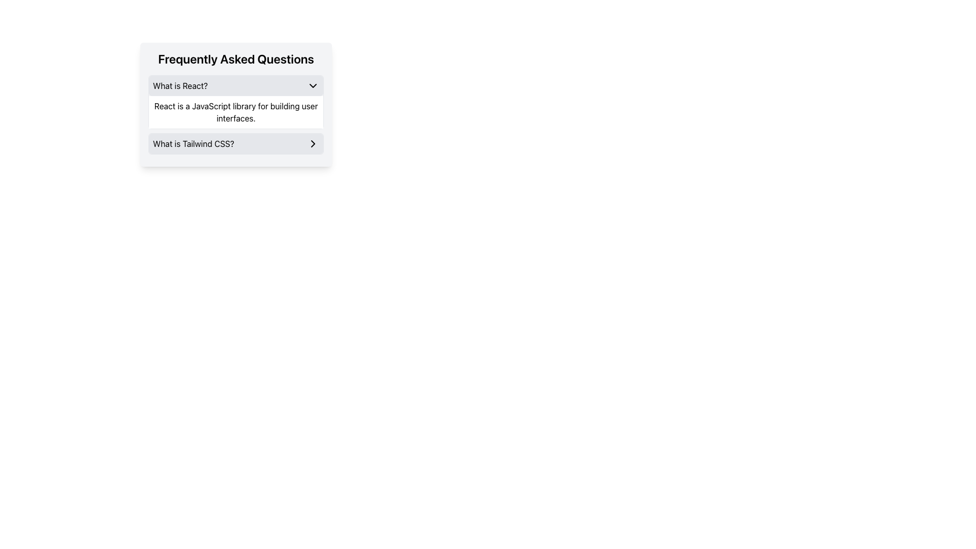 The height and width of the screenshot is (549, 976). Describe the element at coordinates (235, 143) in the screenshot. I see `the button labeled 'What is Tailwind CSS?' in the 'Frequently Asked Questions' section` at that location.